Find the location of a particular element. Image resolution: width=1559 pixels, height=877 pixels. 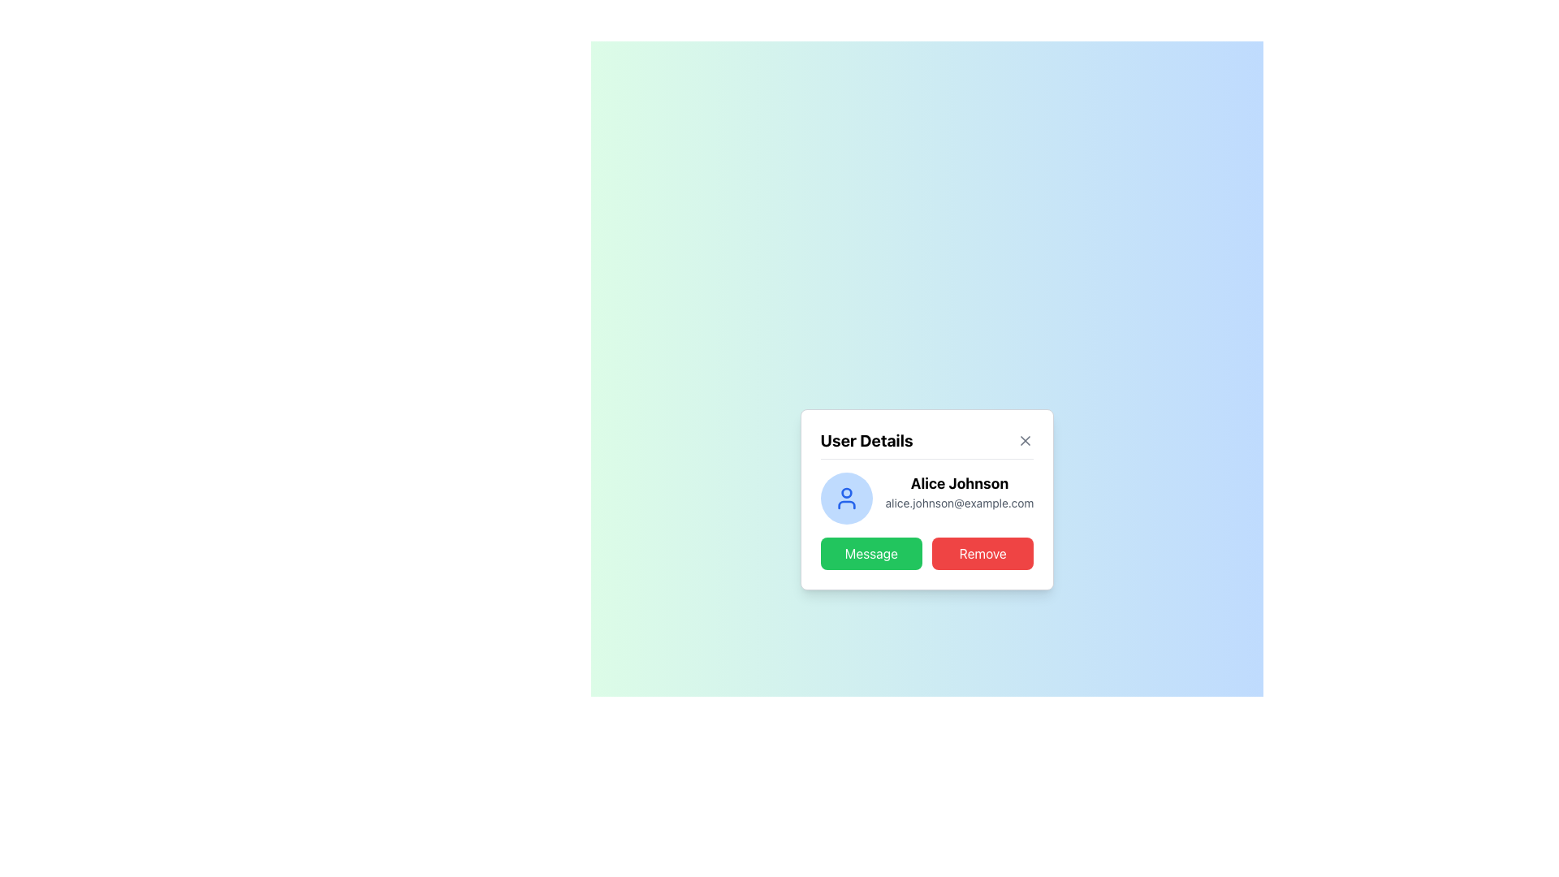

the Profile display element that shows the user's name and email address is located at coordinates (927, 497).